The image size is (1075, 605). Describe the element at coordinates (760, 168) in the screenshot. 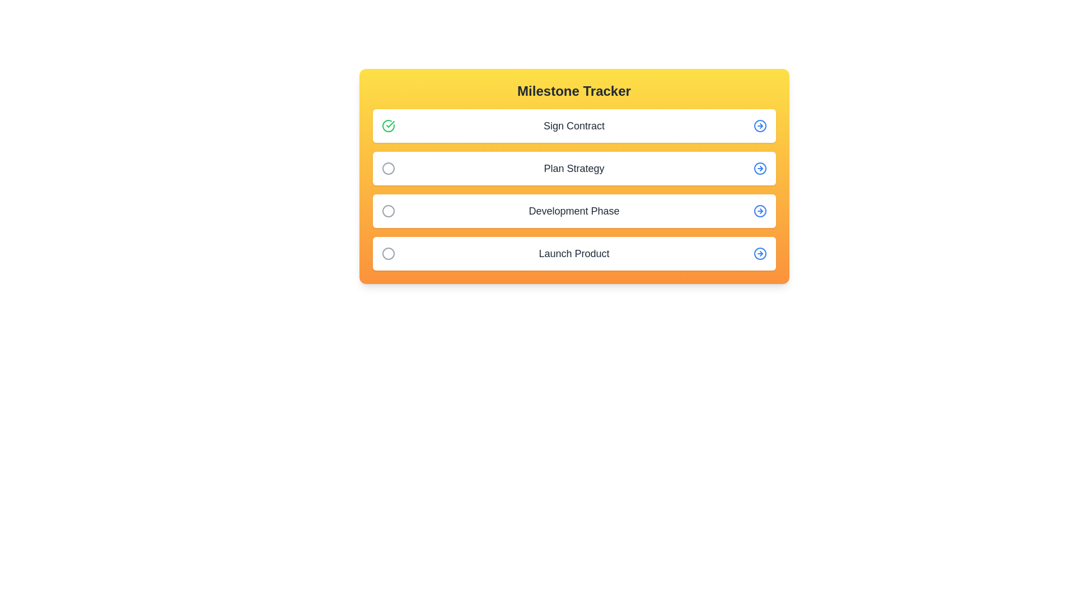

I see `the small, circular blue and white icon with a right-pointing arrow located to the far right of the 'Plan Strategy' row to proceed` at that location.